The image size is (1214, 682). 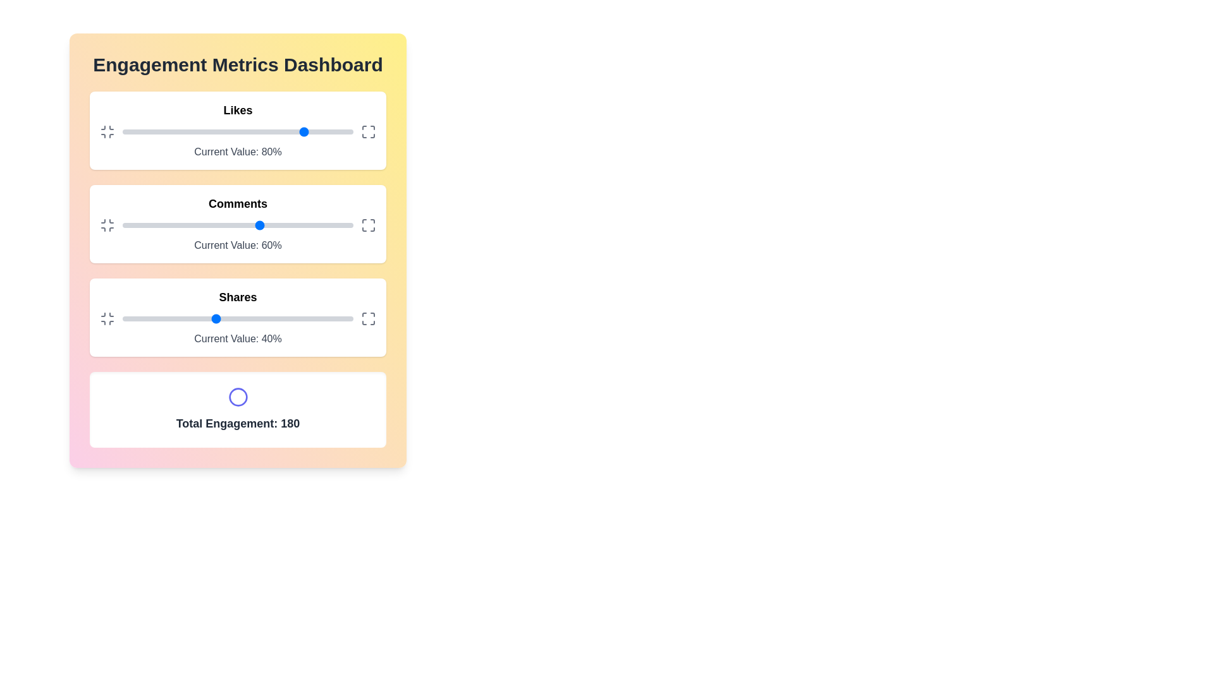 What do you see at coordinates (129, 318) in the screenshot?
I see `the shares value` at bounding box center [129, 318].